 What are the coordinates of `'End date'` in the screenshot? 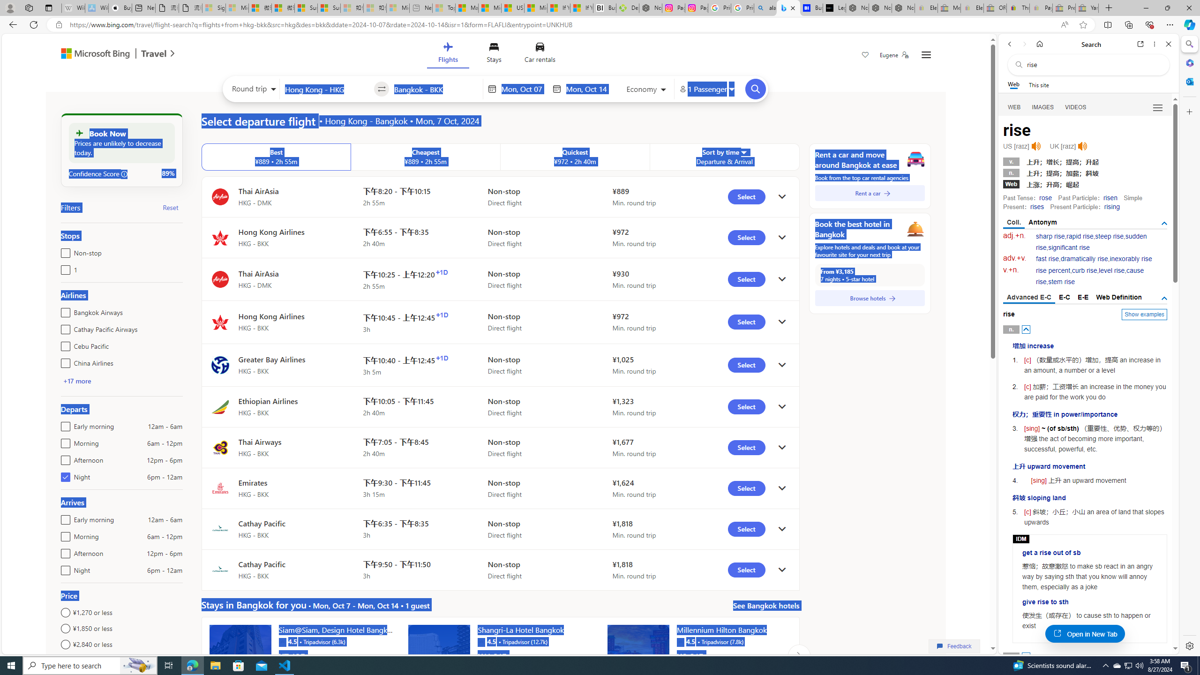 It's located at (588, 89).